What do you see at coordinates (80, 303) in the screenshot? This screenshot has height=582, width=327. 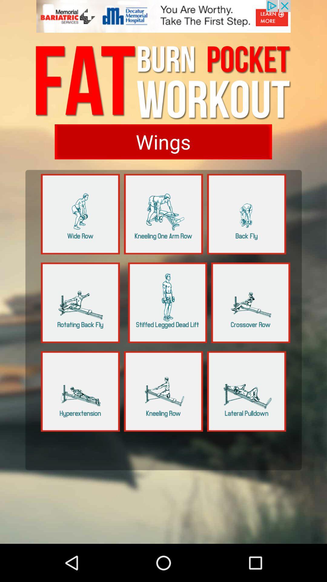 I see `rotating back option` at bounding box center [80, 303].